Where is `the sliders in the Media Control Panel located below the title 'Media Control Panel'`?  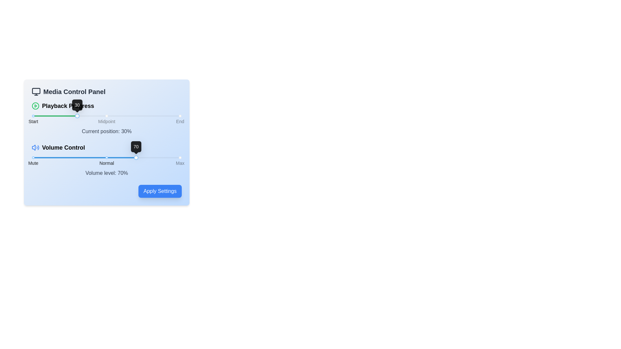 the sliders in the Media Control Panel located below the title 'Media Control Panel' is located at coordinates (107, 139).